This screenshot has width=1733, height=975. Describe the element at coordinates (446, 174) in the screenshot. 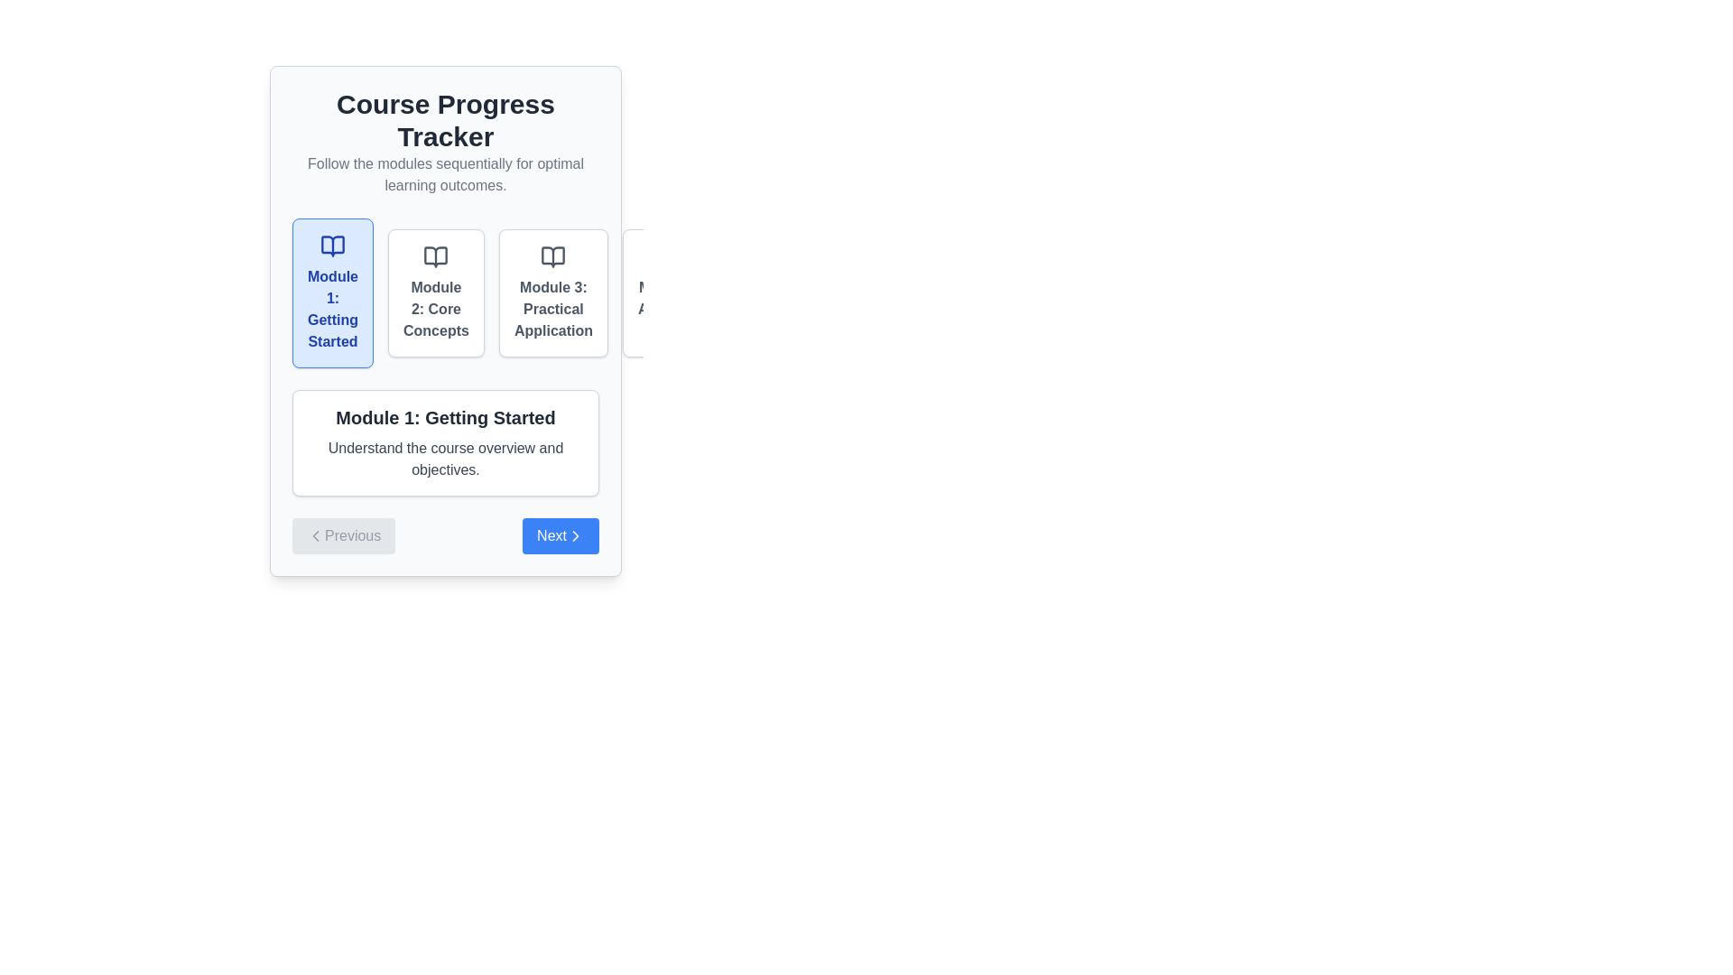

I see `the static text label that reads 'Follow the modules sequentially for optimal learning outcomes.' which is styled in gray color and located below the bold title 'Course Progress Tracker'` at that location.